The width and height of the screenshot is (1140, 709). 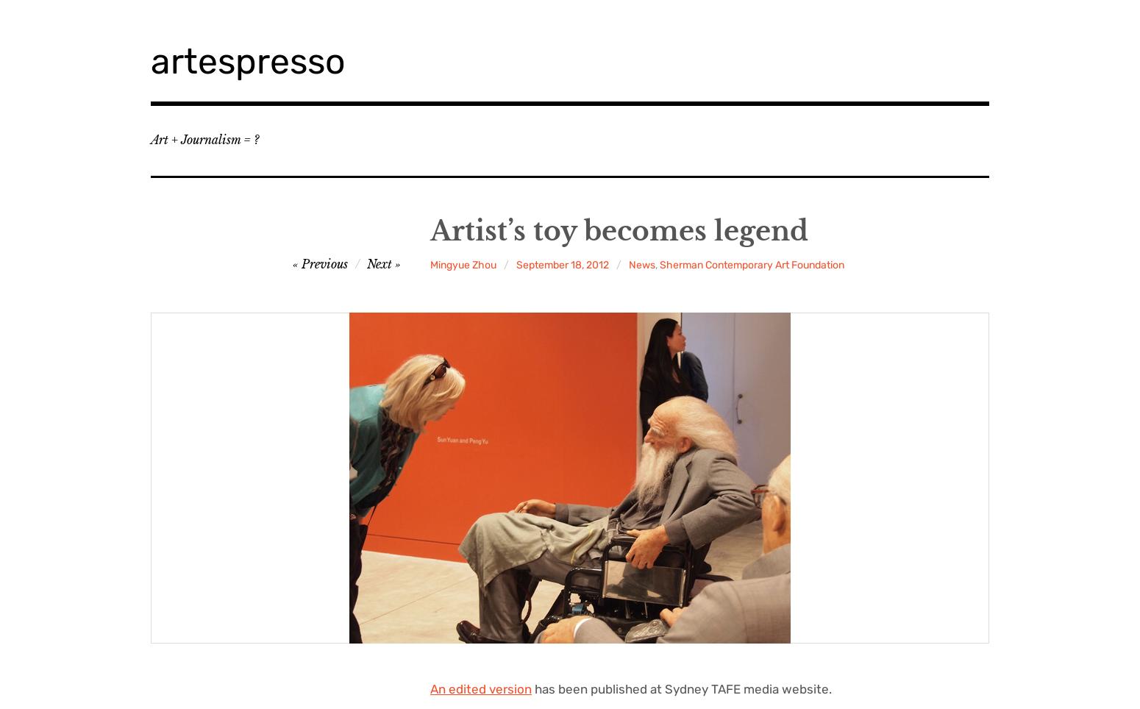 What do you see at coordinates (463, 264) in the screenshot?
I see `'Mingyue Zhou'` at bounding box center [463, 264].